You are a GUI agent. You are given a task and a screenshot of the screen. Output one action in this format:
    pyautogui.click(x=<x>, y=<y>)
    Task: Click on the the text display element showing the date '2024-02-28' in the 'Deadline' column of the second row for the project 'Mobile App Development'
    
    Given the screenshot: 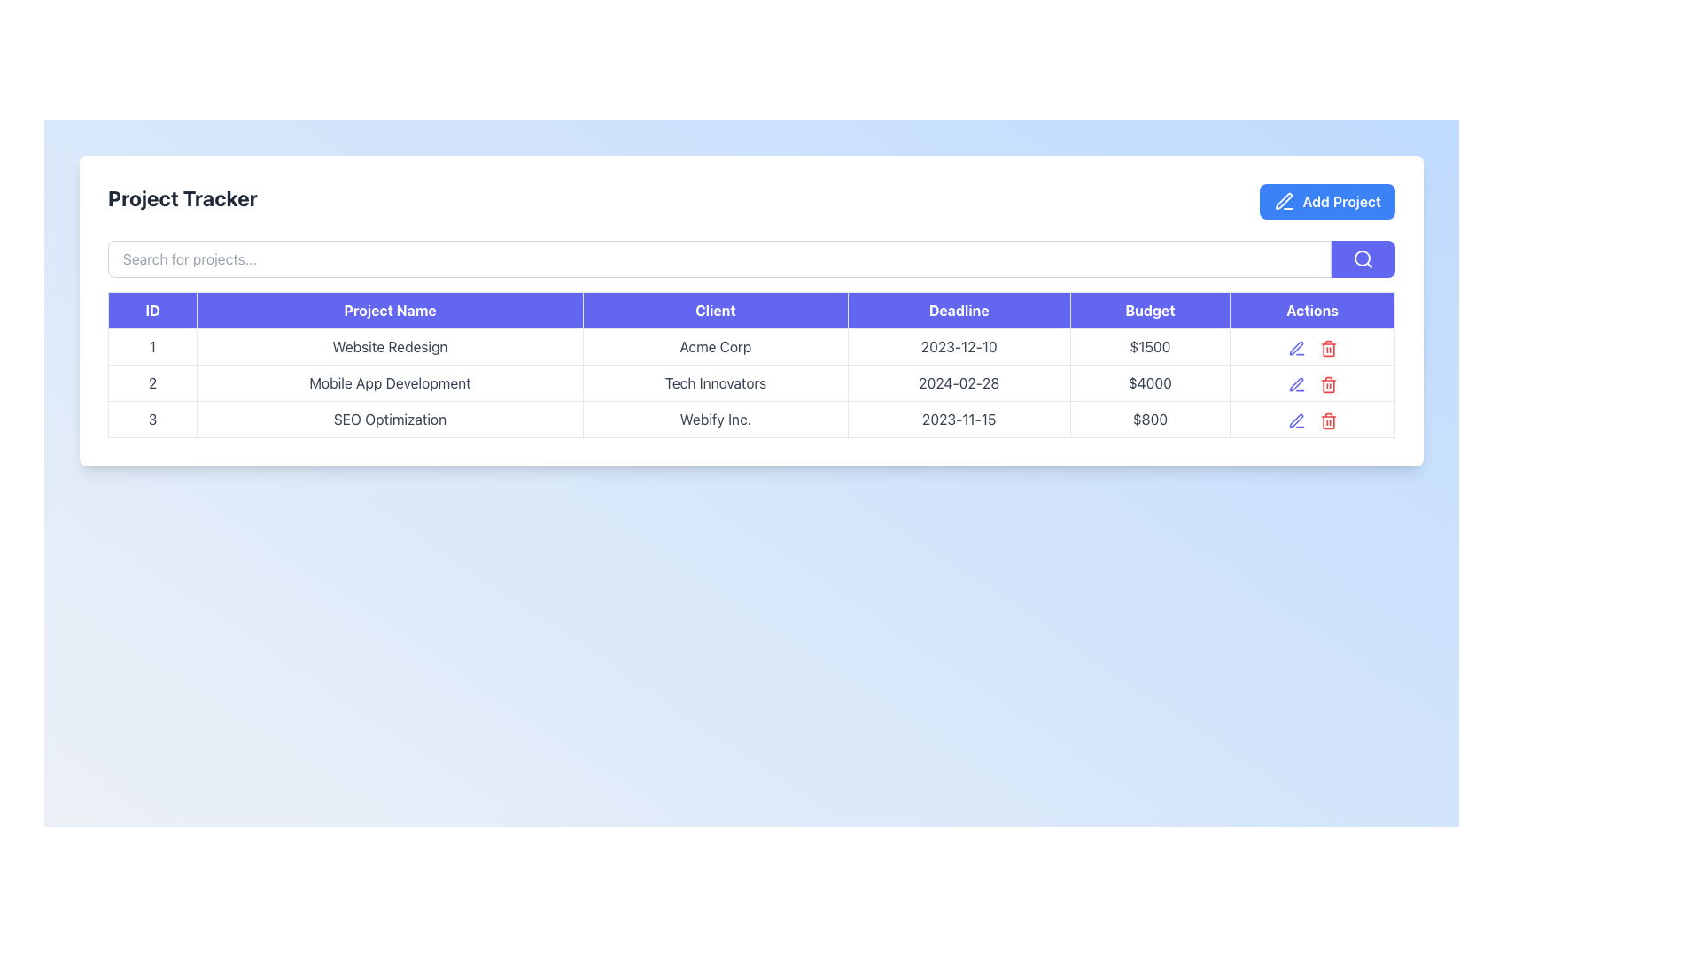 What is the action you would take?
    pyautogui.click(x=958, y=382)
    